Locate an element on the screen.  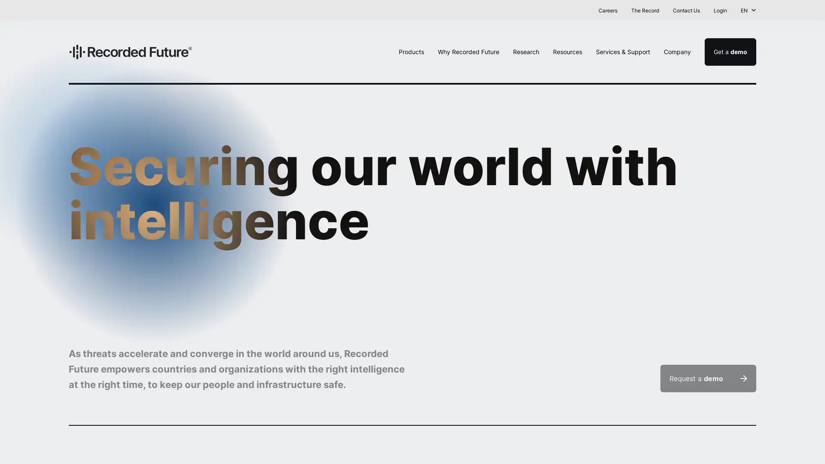
Close is located at coordinates (810, 12).